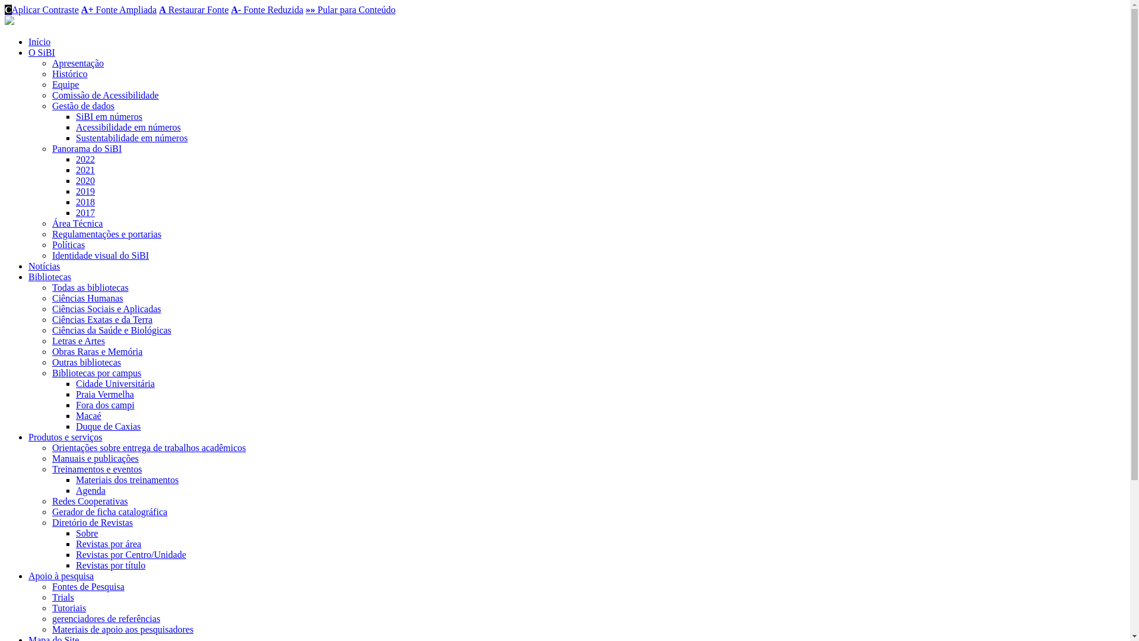 The height and width of the screenshot is (641, 1139). I want to click on '2020', so click(85, 180).